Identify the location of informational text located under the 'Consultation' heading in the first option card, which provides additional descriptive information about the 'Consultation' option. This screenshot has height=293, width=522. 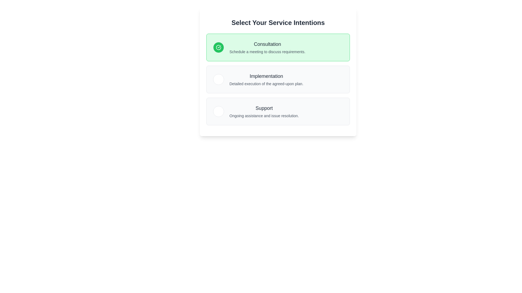
(267, 52).